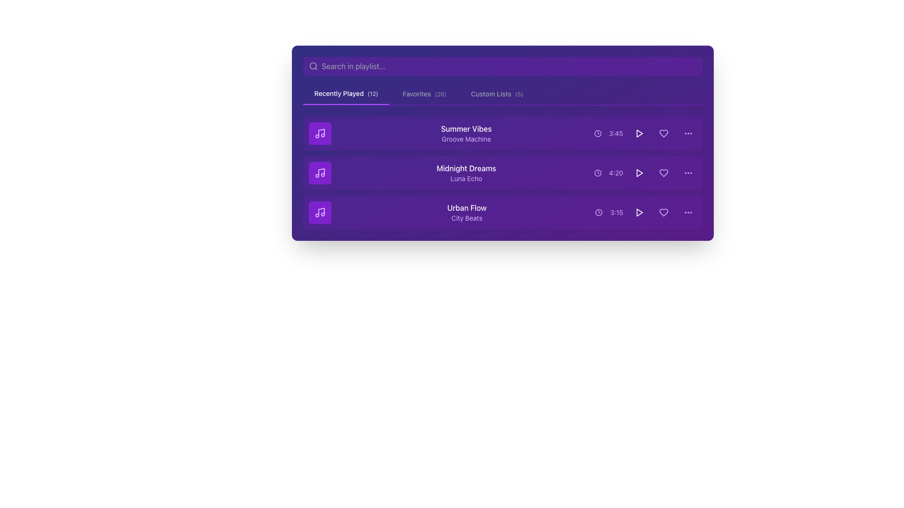  What do you see at coordinates (424, 94) in the screenshot?
I see `the navigation button located in the horizontal navigation bar` at bounding box center [424, 94].